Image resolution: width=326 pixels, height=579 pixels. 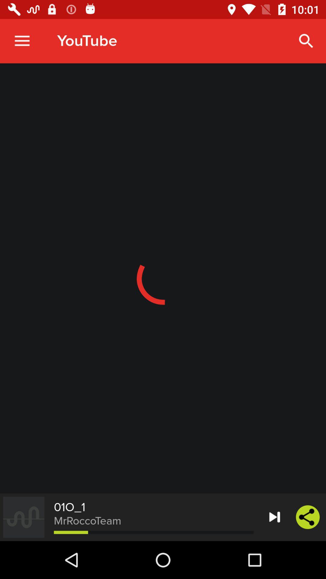 I want to click on item to the left of youtube, so click(x=22, y=41).